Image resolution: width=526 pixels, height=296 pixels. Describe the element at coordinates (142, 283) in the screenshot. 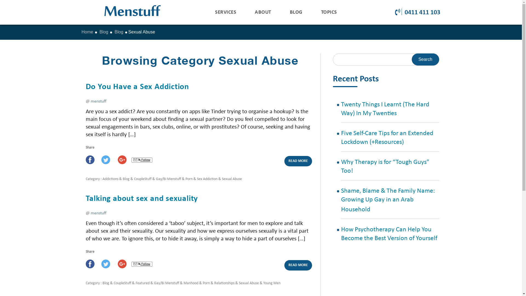

I see `'Featured'` at that location.